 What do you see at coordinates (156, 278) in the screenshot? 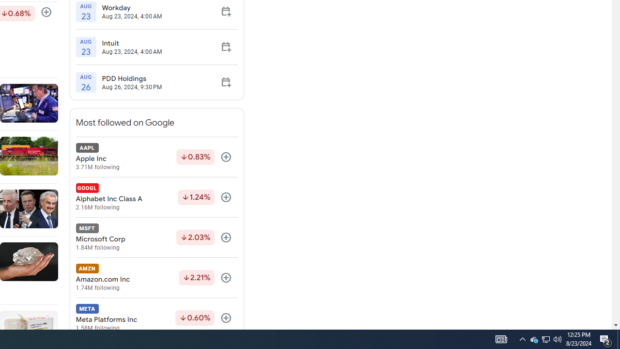
I see `'AMZN Amazon.com Inc 1.74M following Down by 2.21% Follow'` at bounding box center [156, 278].